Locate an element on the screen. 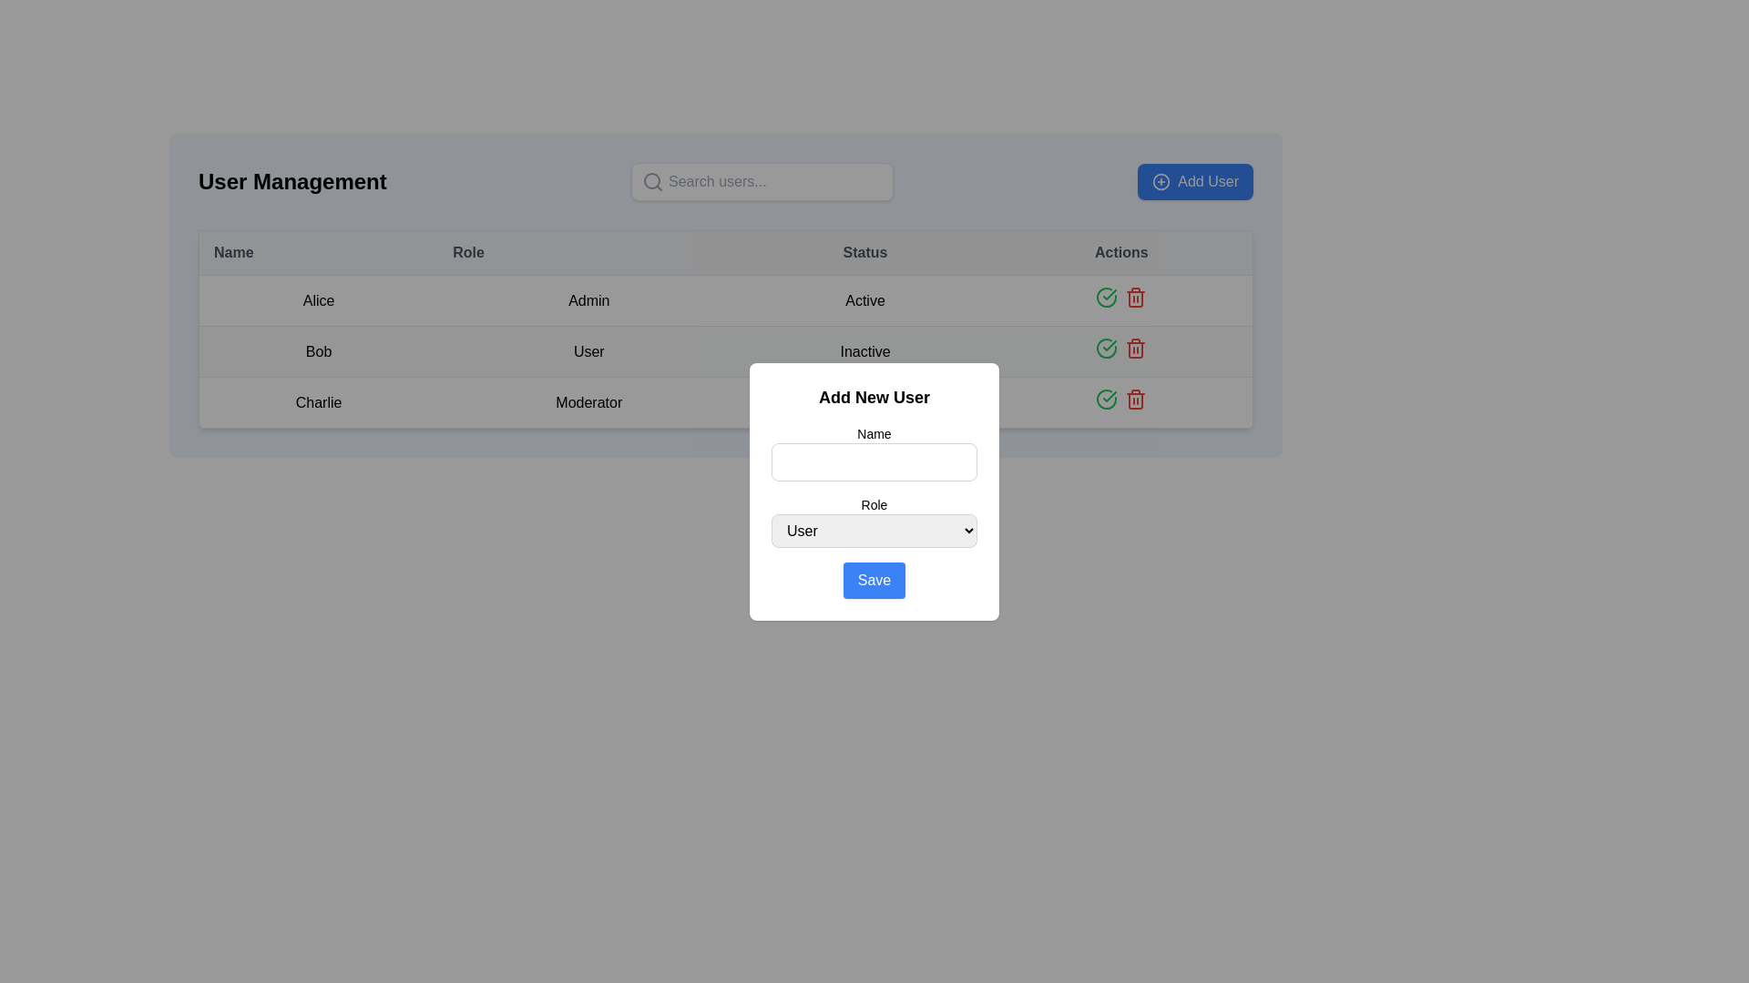  static text display showing the name 'Charlie', which is located in the third row of the 'Name' column of the user management table is located at coordinates (318, 401).